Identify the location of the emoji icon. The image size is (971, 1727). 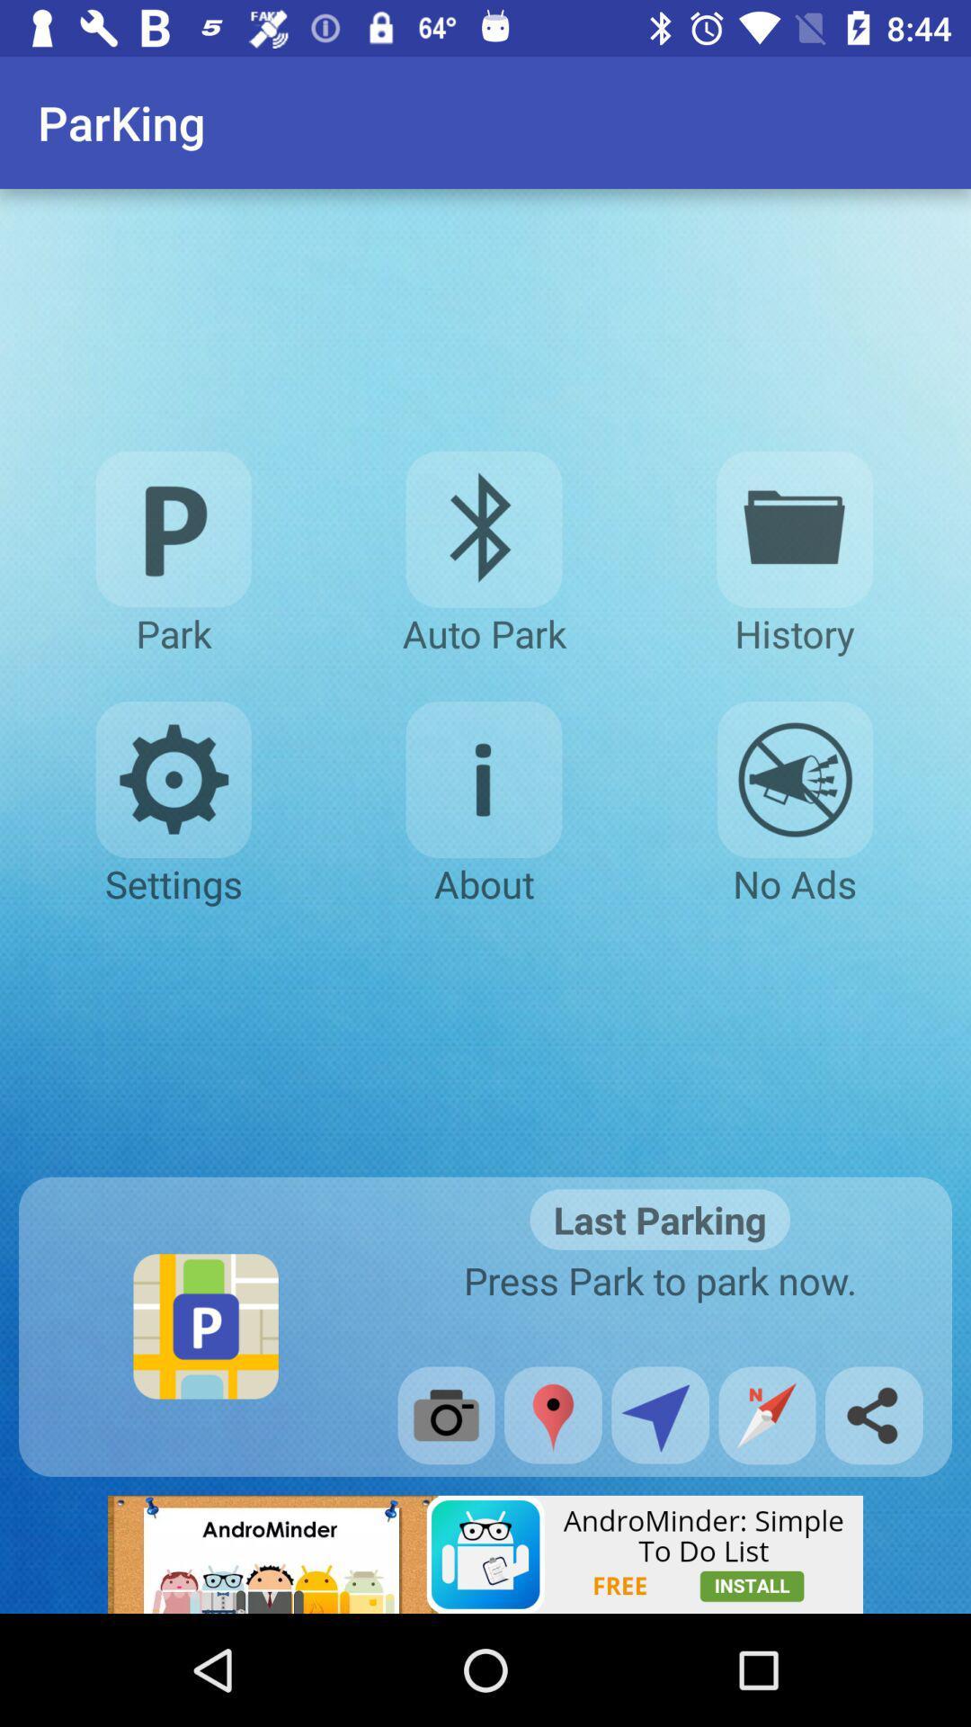
(794, 780).